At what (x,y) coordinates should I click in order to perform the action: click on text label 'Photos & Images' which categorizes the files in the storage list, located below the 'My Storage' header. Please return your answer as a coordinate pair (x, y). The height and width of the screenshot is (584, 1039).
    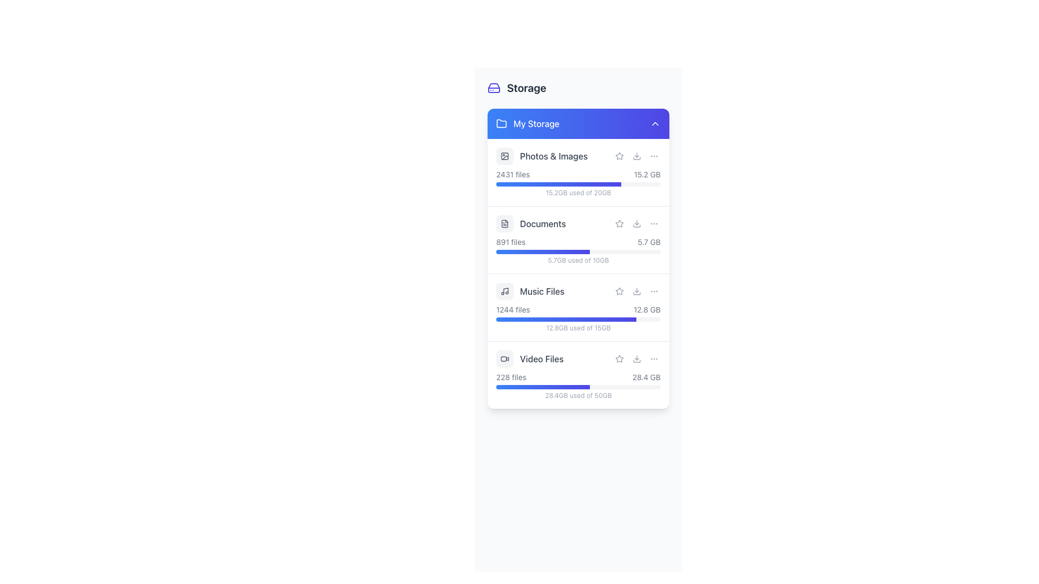
    Looking at the image, I should click on (554, 156).